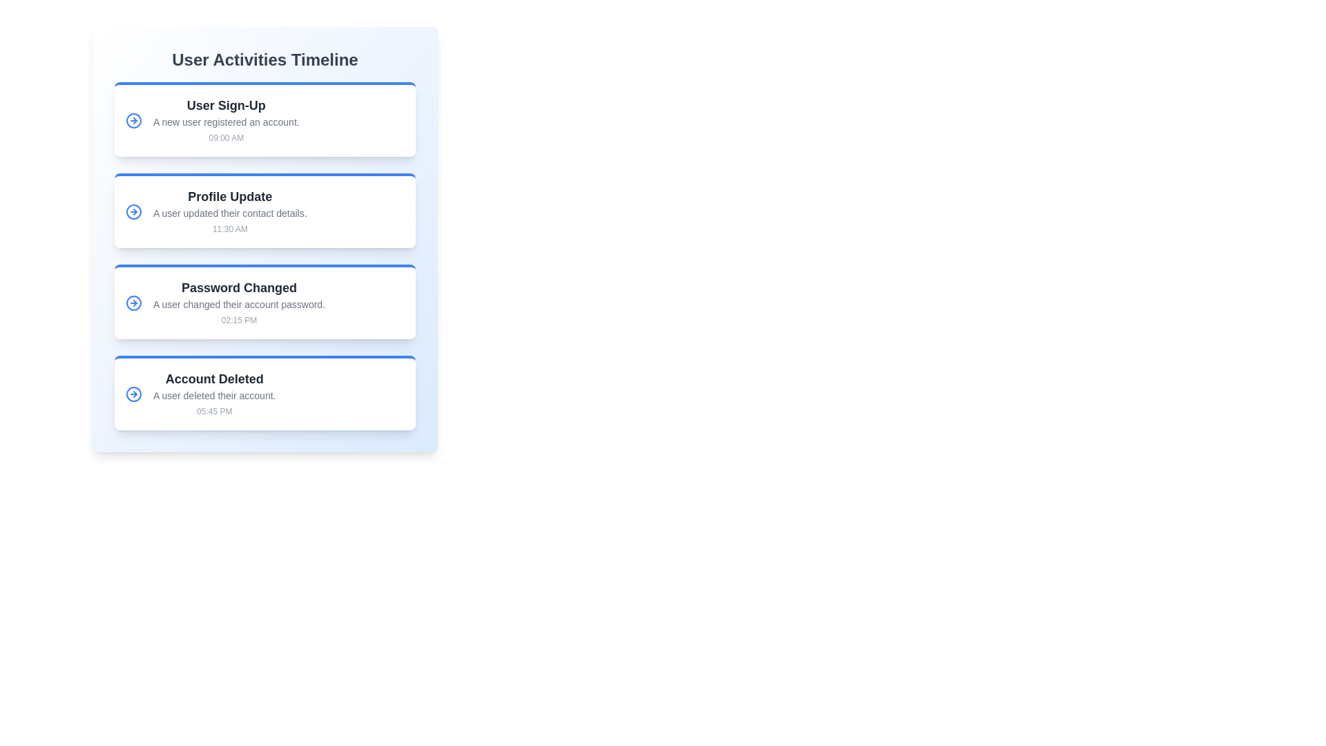 The height and width of the screenshot is (746, 1326). Describe the element at coordinates (239, 303) in the screenshot. I see `the text element displaying 'A user changed their account password.' which is styled with a small gray font and is located within the 'Password Changed' entry box` at that location.